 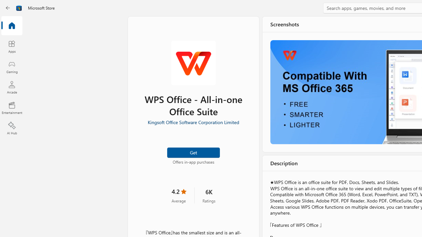 What do you see at coordinates (179, 195) in the screenshot?
I see `'4.2 stars. Click to skip to ratings and reviews'` at bounding box center [179, 195].